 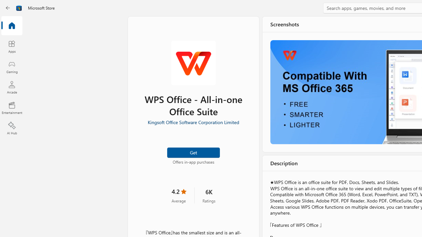 What do you see at coordinates (179, 195) in the screenshot?
I see `'4.2 stars. Click to skip to ratings and reviews'` at bounding box center [179, 195].